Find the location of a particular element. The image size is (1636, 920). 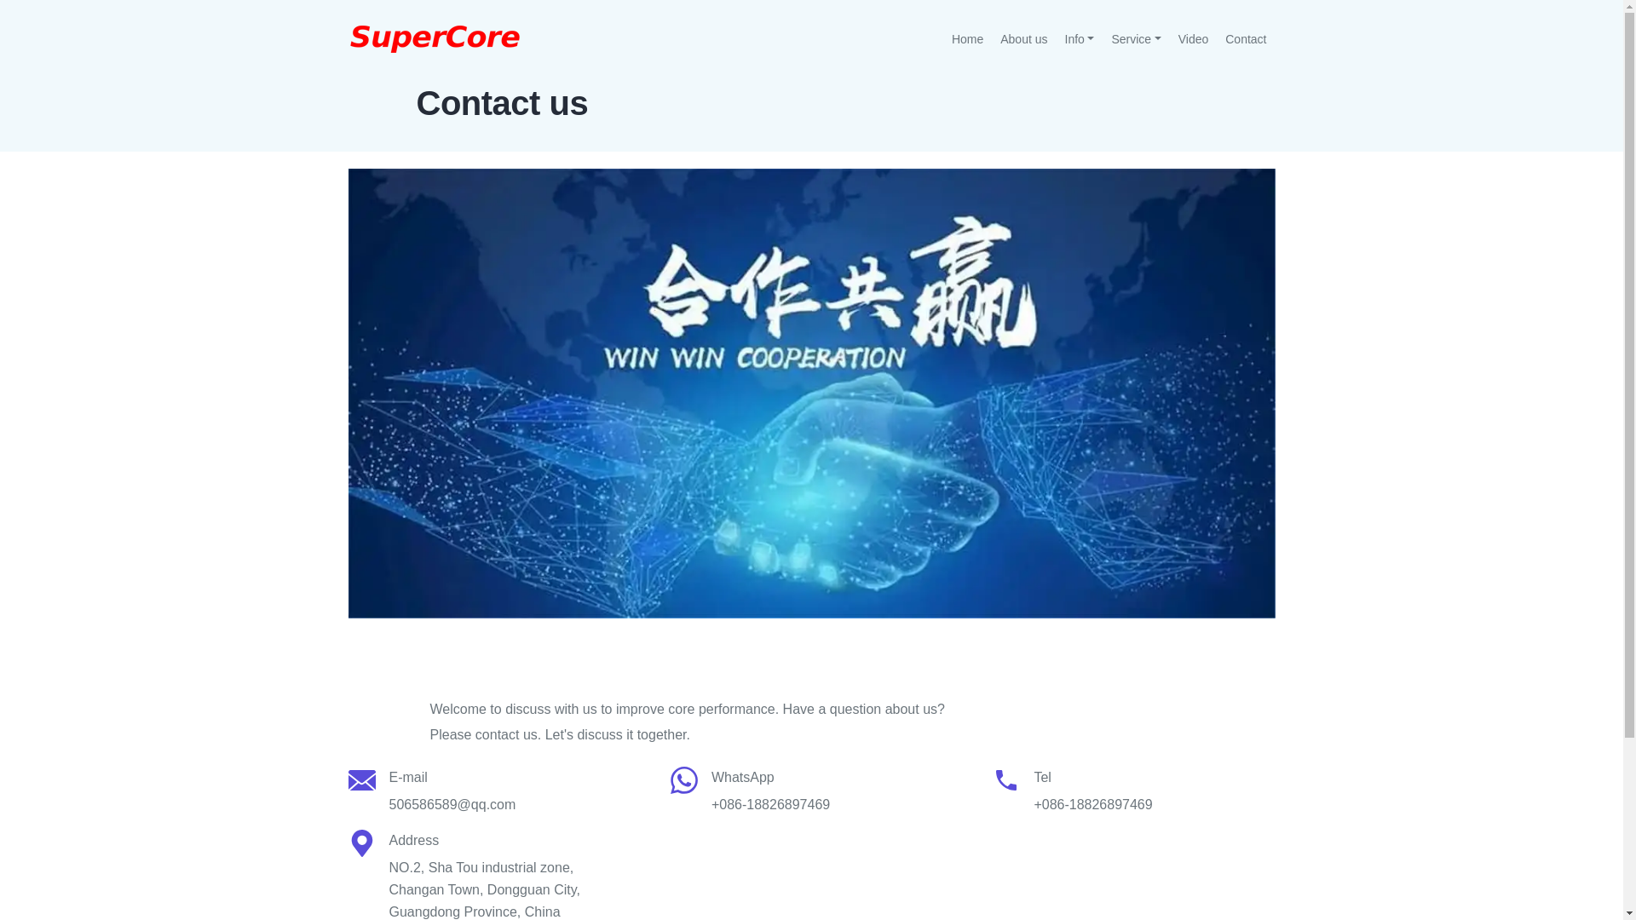

'Home is located at coordinates (967, 38).